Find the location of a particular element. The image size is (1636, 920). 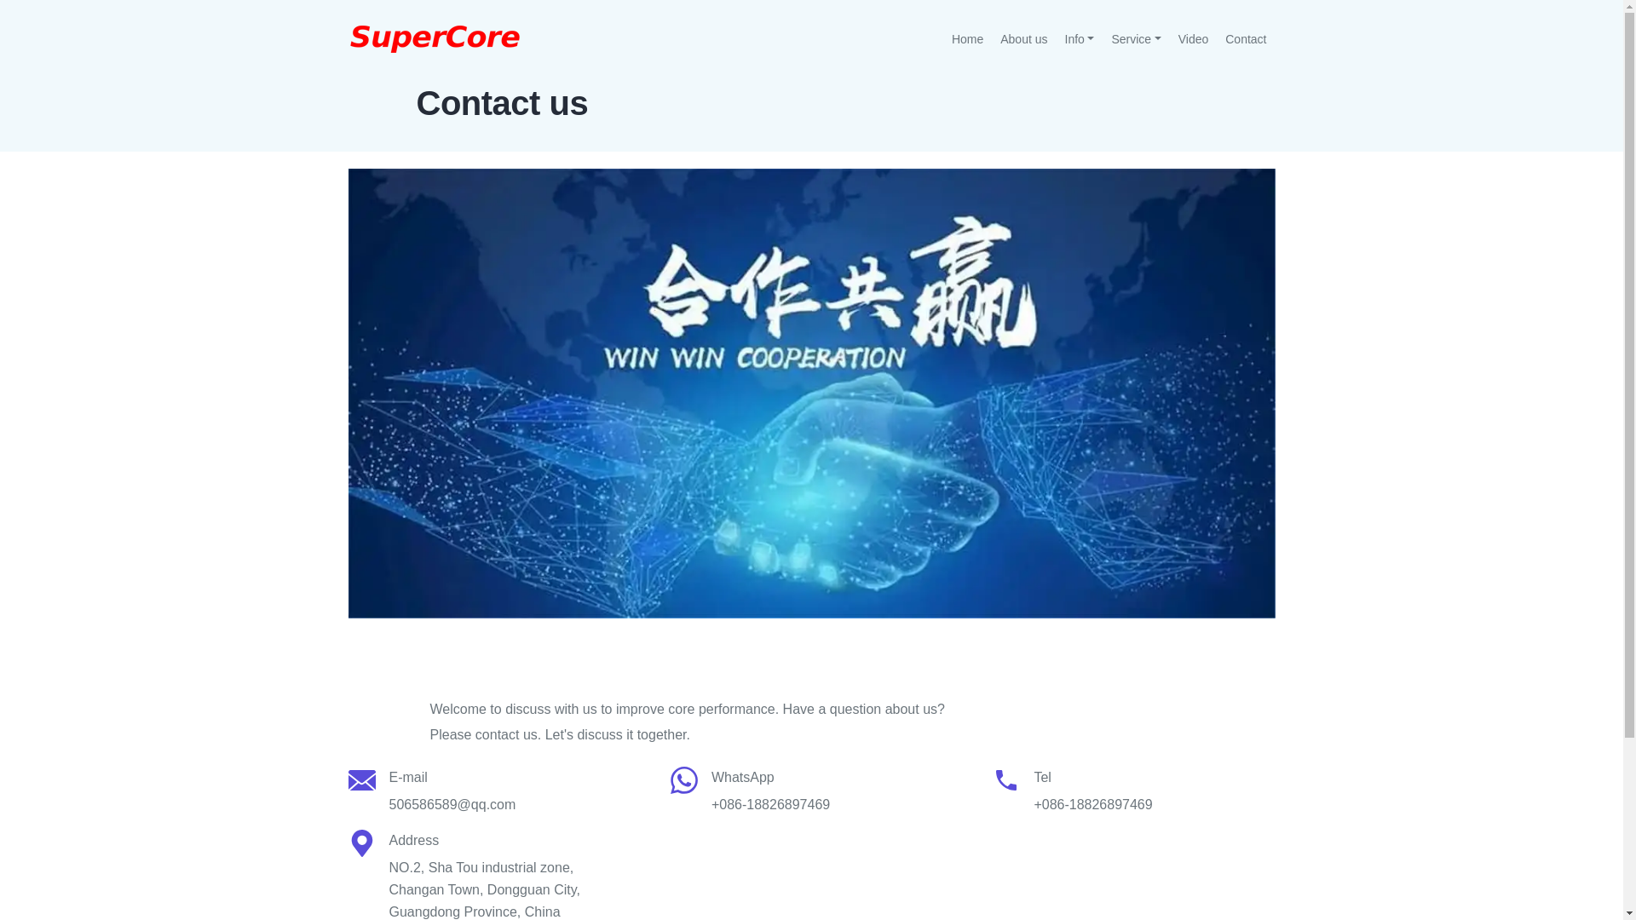

'Home is located at coordinates (967, 38).